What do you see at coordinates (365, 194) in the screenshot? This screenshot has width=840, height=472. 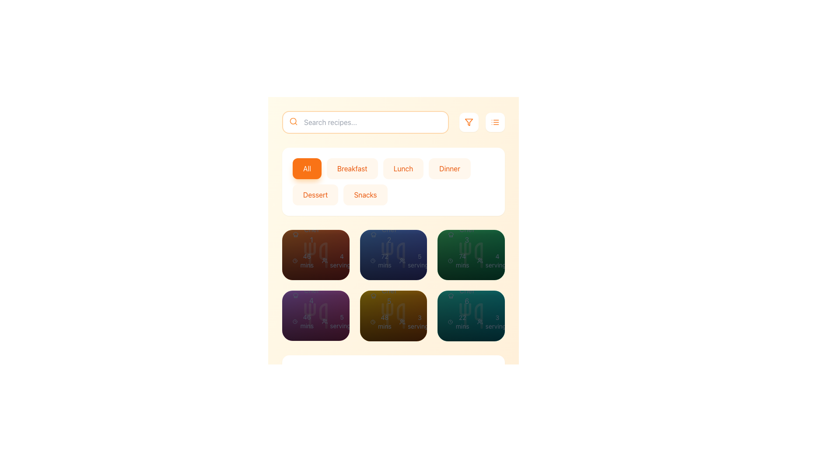 I see `the 'Snacks' filter button located in the second row, second column of the button group` at bounding box center [365, 194].